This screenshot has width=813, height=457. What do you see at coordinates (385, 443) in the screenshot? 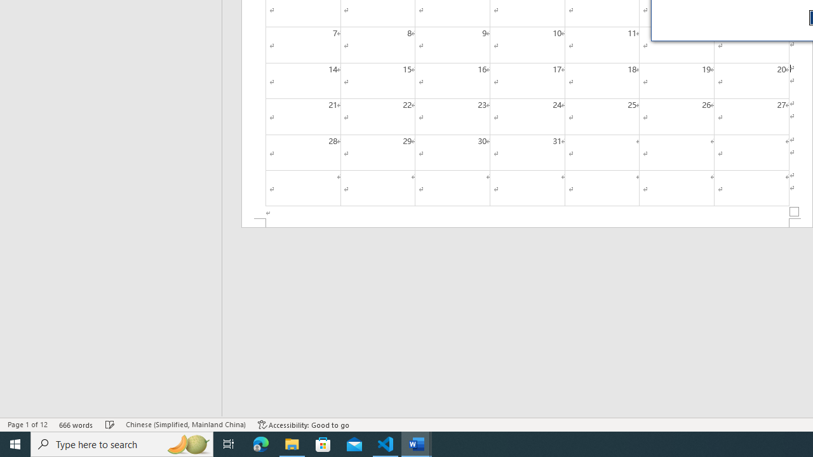
I see `'Visual Studio Code - 1 running window'` at bounding box center [385, 443].